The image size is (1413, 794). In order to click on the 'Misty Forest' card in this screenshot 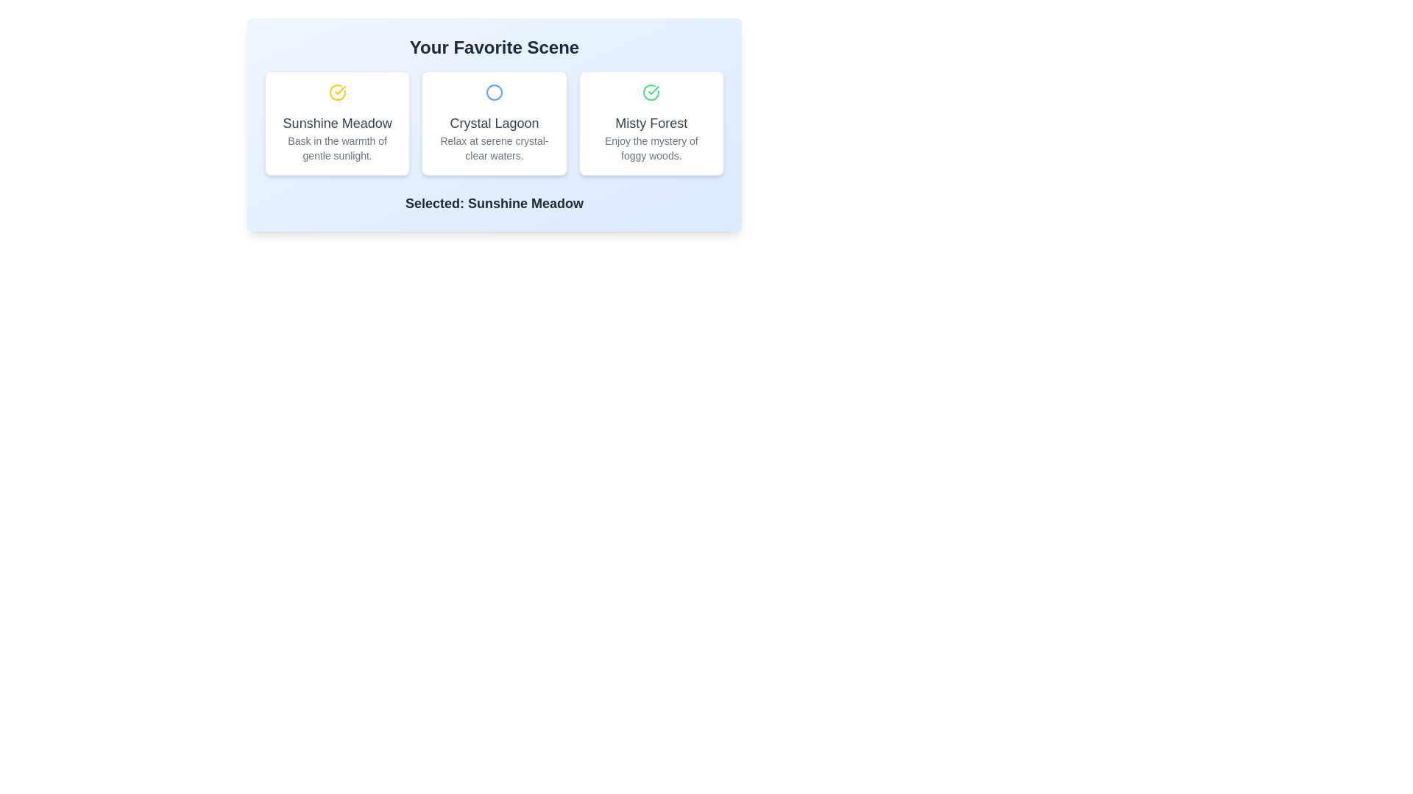, I will do `click(651, 123)`.